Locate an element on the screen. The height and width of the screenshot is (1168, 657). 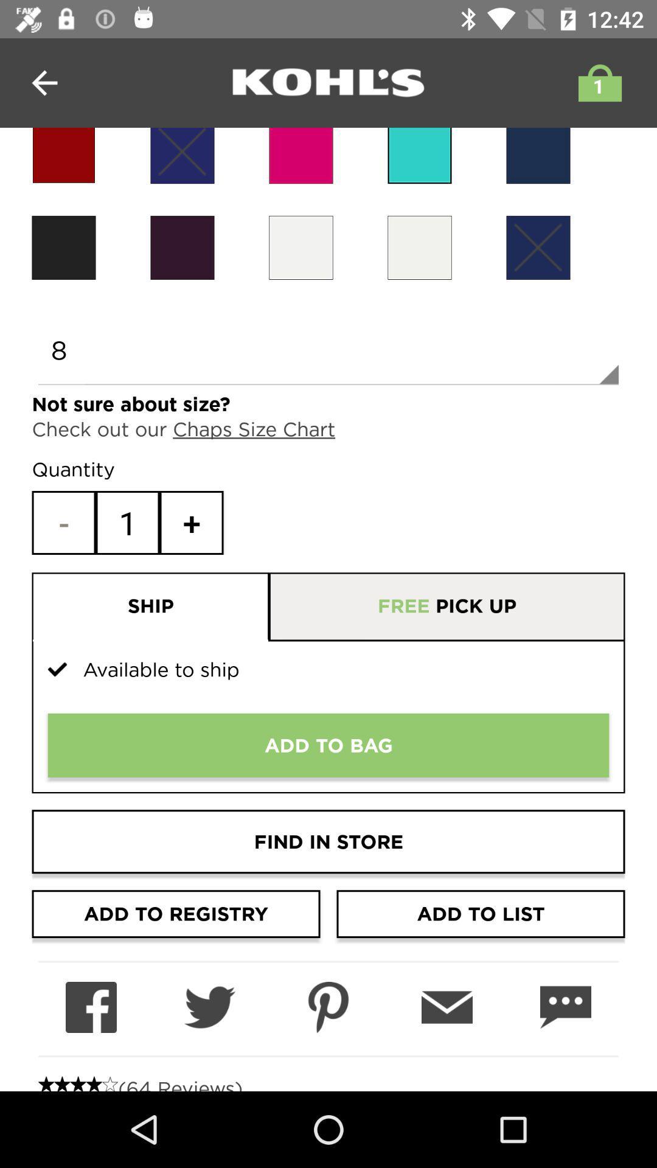
talvez seja somente um problema is located at coordinates (419, 155).